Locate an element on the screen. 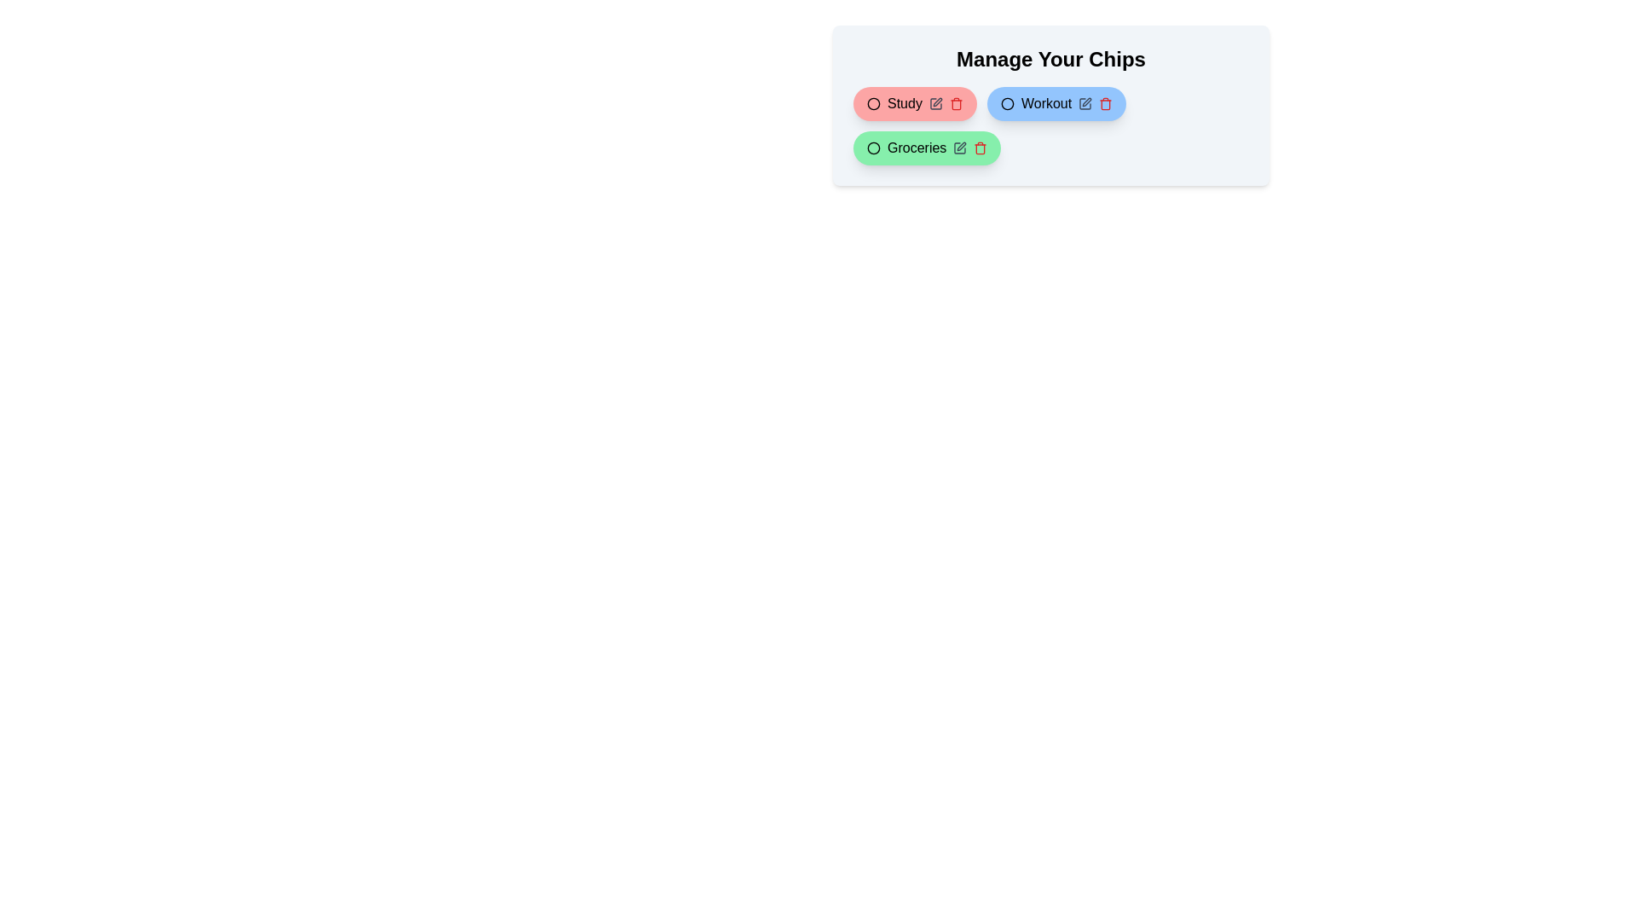 The height and width of the screenshot is (921, 1637). edit button of the chip labeled Groceries to change its color is located at coordinates (960, 147).